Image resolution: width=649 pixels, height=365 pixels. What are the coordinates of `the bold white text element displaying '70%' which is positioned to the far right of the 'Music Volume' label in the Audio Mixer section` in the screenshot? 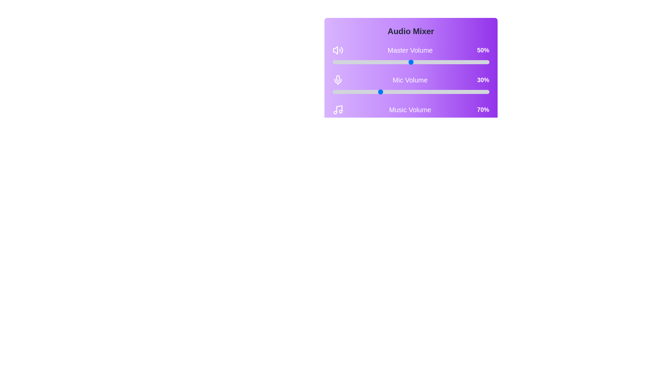 It's located at (483, 109).